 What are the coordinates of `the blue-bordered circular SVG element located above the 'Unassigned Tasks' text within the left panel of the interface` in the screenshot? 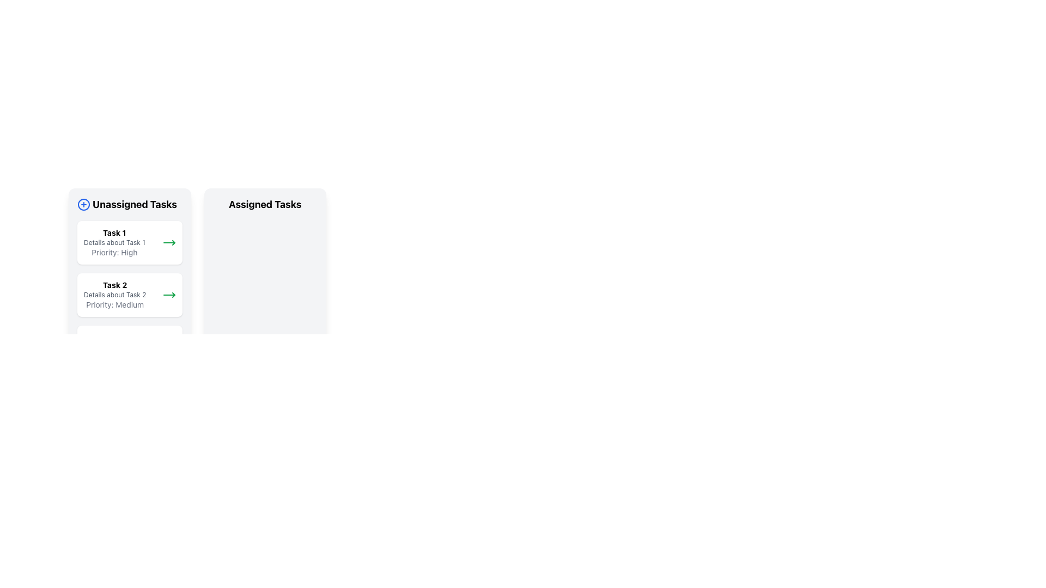 It's located at (83, 204).